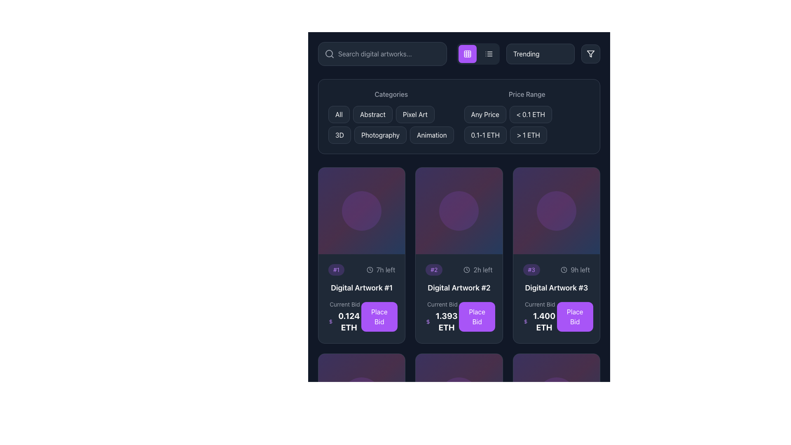  I want to click on the text label located in the second card of the grid layout, which serves as a title for the associated artwork, so click(459, 288).